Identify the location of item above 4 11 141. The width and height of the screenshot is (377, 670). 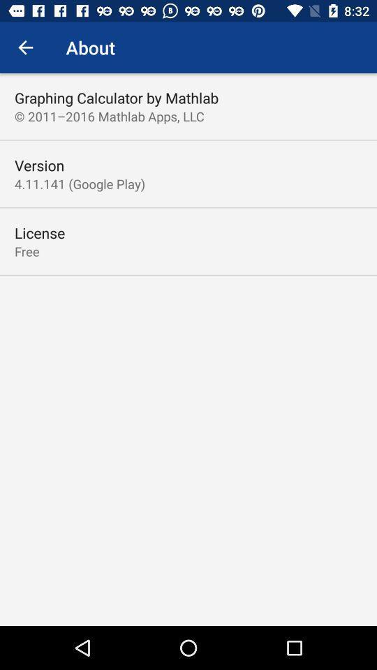
(39, 165).